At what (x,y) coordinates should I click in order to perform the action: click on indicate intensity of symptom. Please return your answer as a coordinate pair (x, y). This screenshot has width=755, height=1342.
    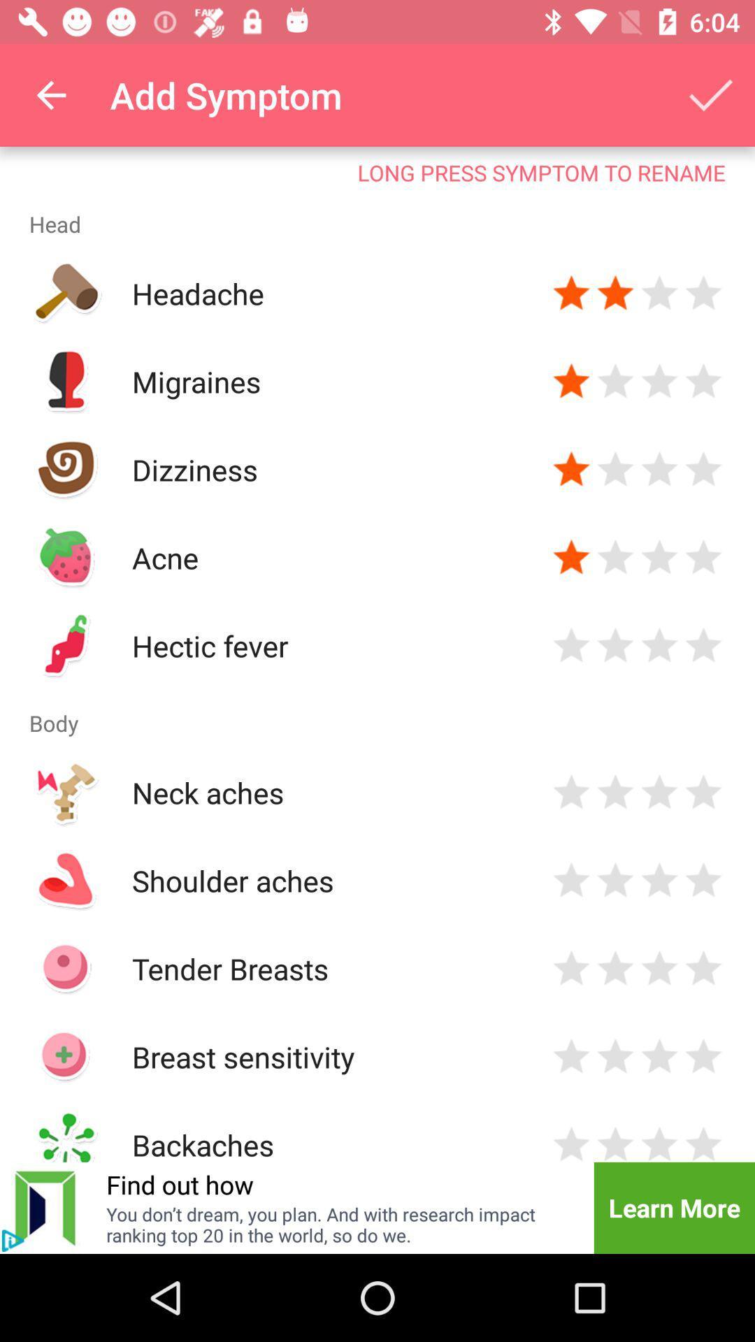
    Looking at the image, I should click on (614, 1057).